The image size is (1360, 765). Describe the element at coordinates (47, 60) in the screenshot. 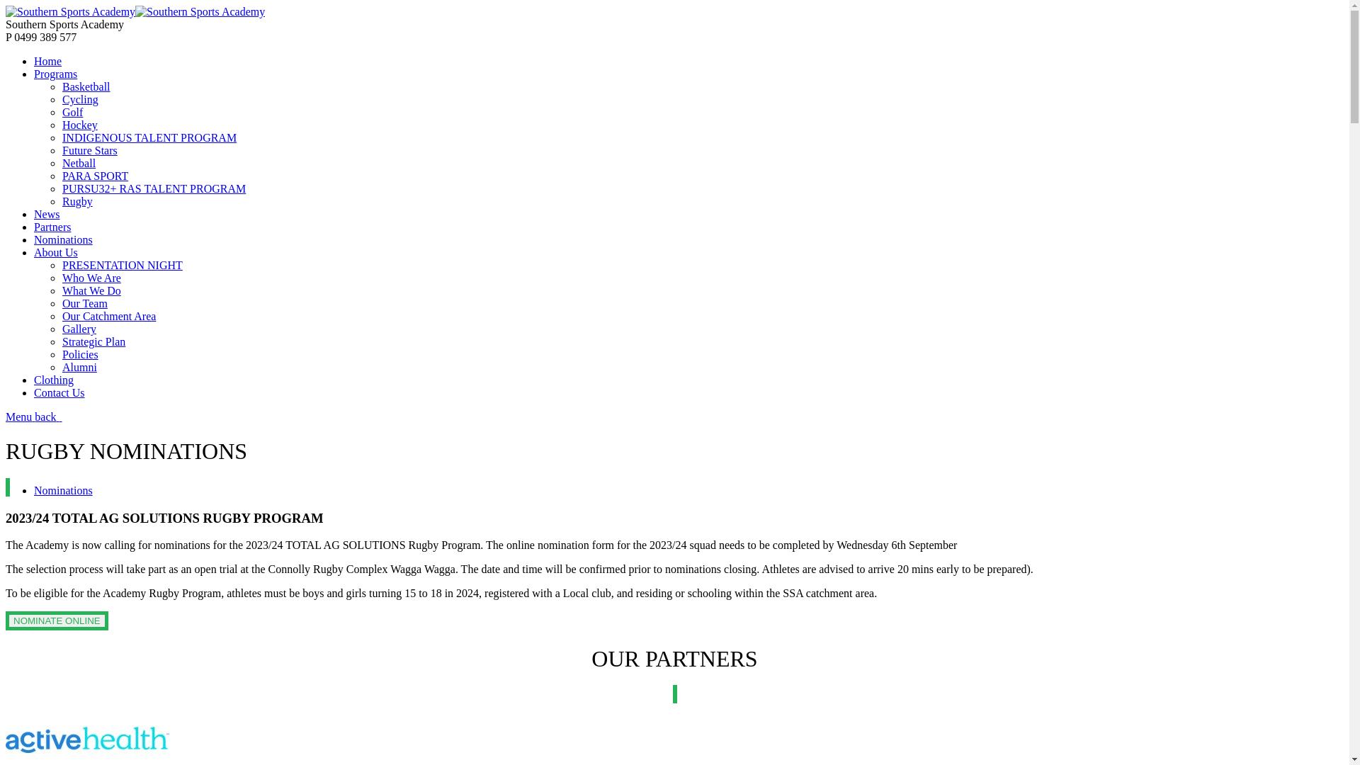

I see `'Home'` at that location.